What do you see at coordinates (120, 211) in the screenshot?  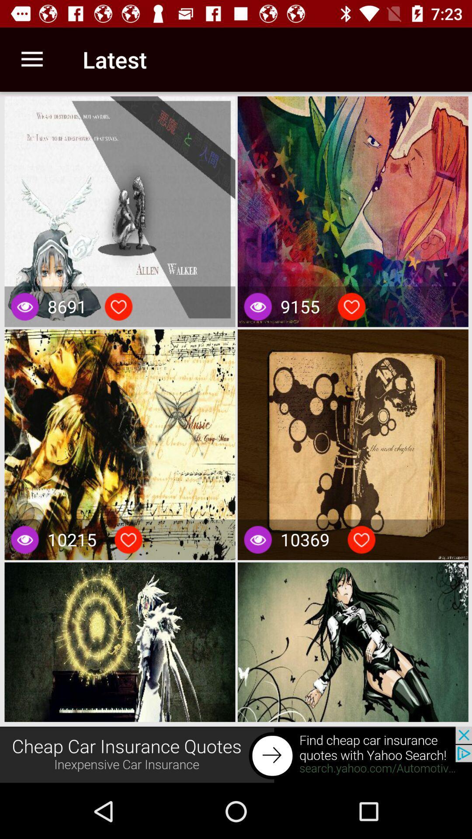 I see `the first image` at bounding box center [120, 211].